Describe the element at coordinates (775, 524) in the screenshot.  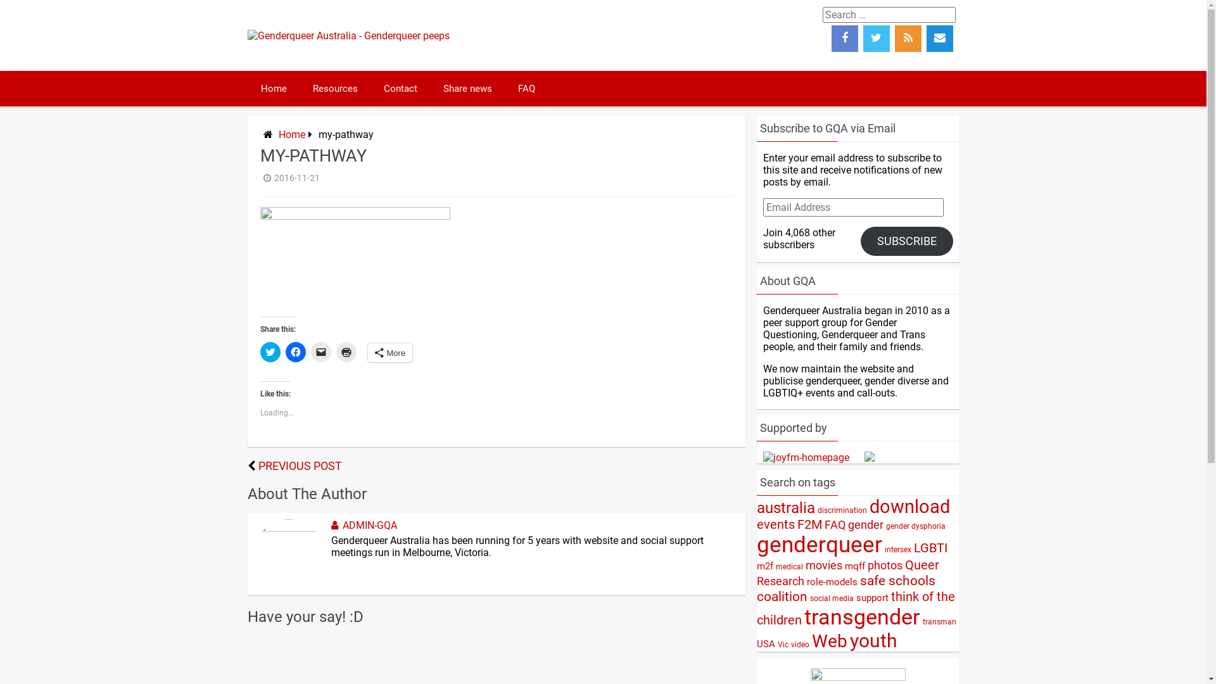
I see `'events'` at that location.